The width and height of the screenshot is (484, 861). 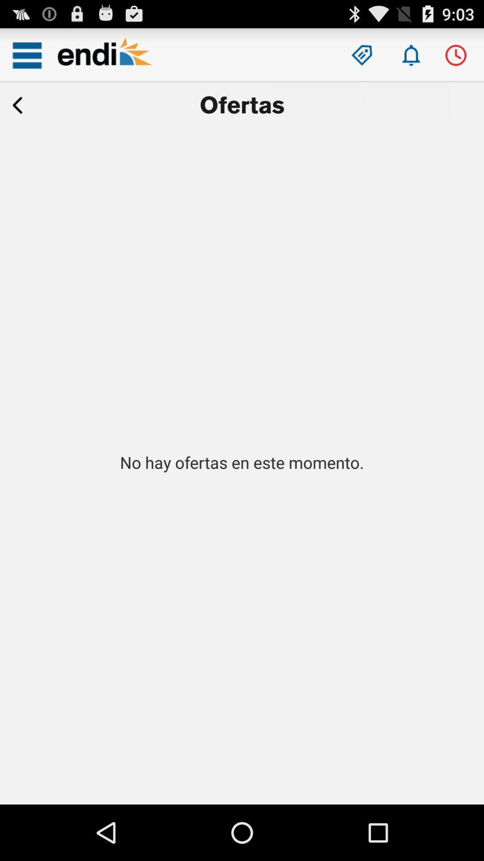 I want to click on homepage, so click(x=104, y=55).